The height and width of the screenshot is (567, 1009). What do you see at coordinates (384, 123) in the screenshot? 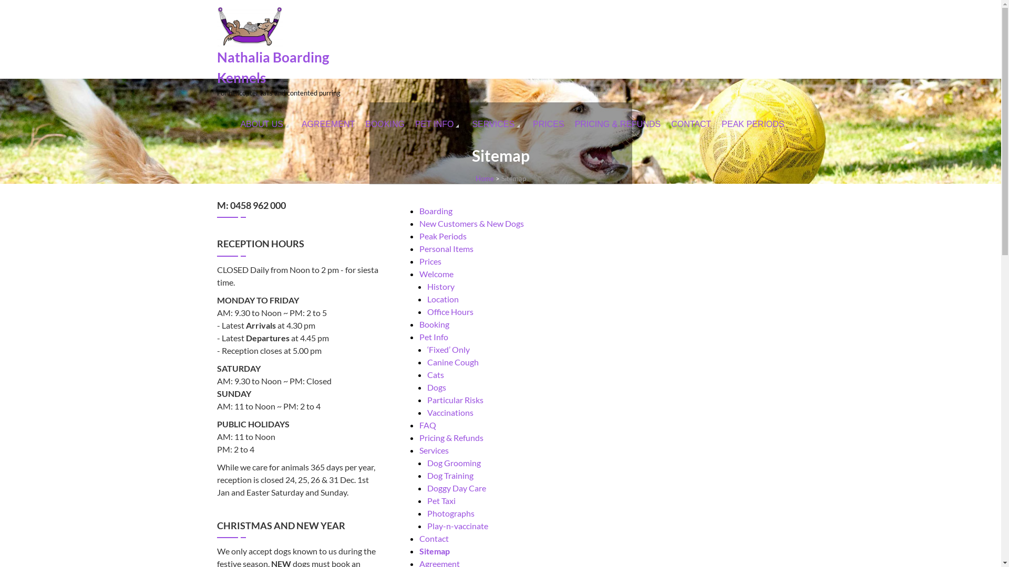
I see `'BOOKING'` at bounding box center [384, 123].